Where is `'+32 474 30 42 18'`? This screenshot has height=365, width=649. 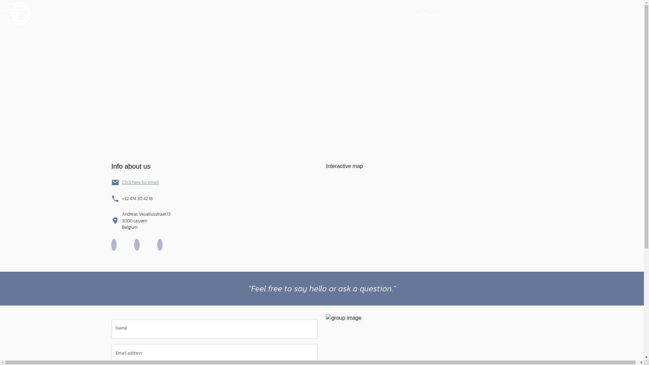
'+32 474 30 42 18' is located at coordinates (137, 198).